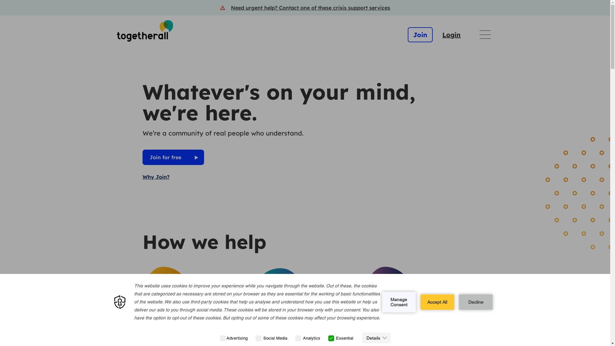 This screenshot has height=346, width=615. Describe the element at coordinates (420, 35) in the screenshot. I see `'Join'` at that location.